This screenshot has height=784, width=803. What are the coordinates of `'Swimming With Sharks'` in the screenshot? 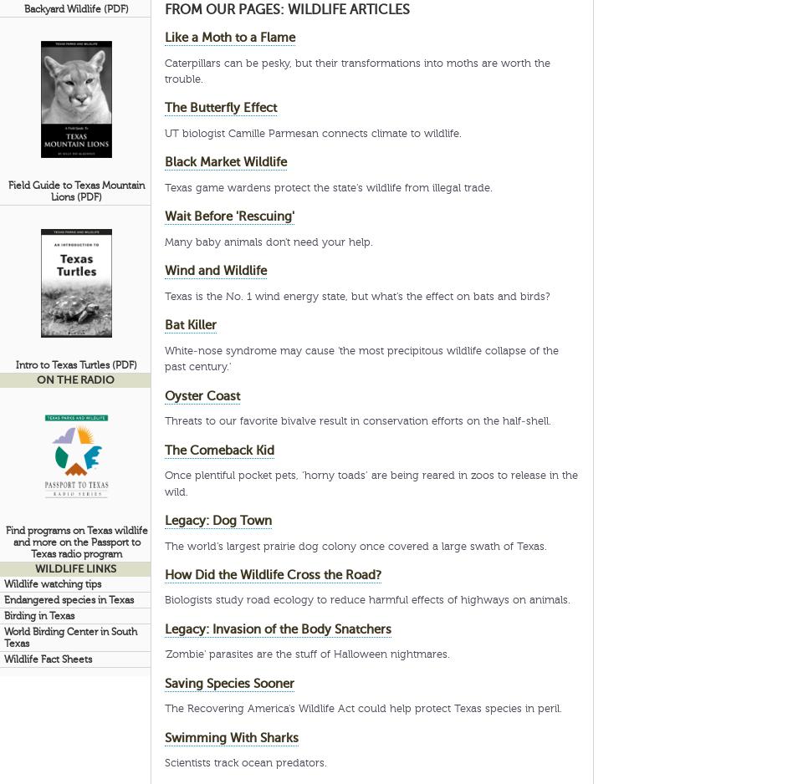 It's located at (230, 737).